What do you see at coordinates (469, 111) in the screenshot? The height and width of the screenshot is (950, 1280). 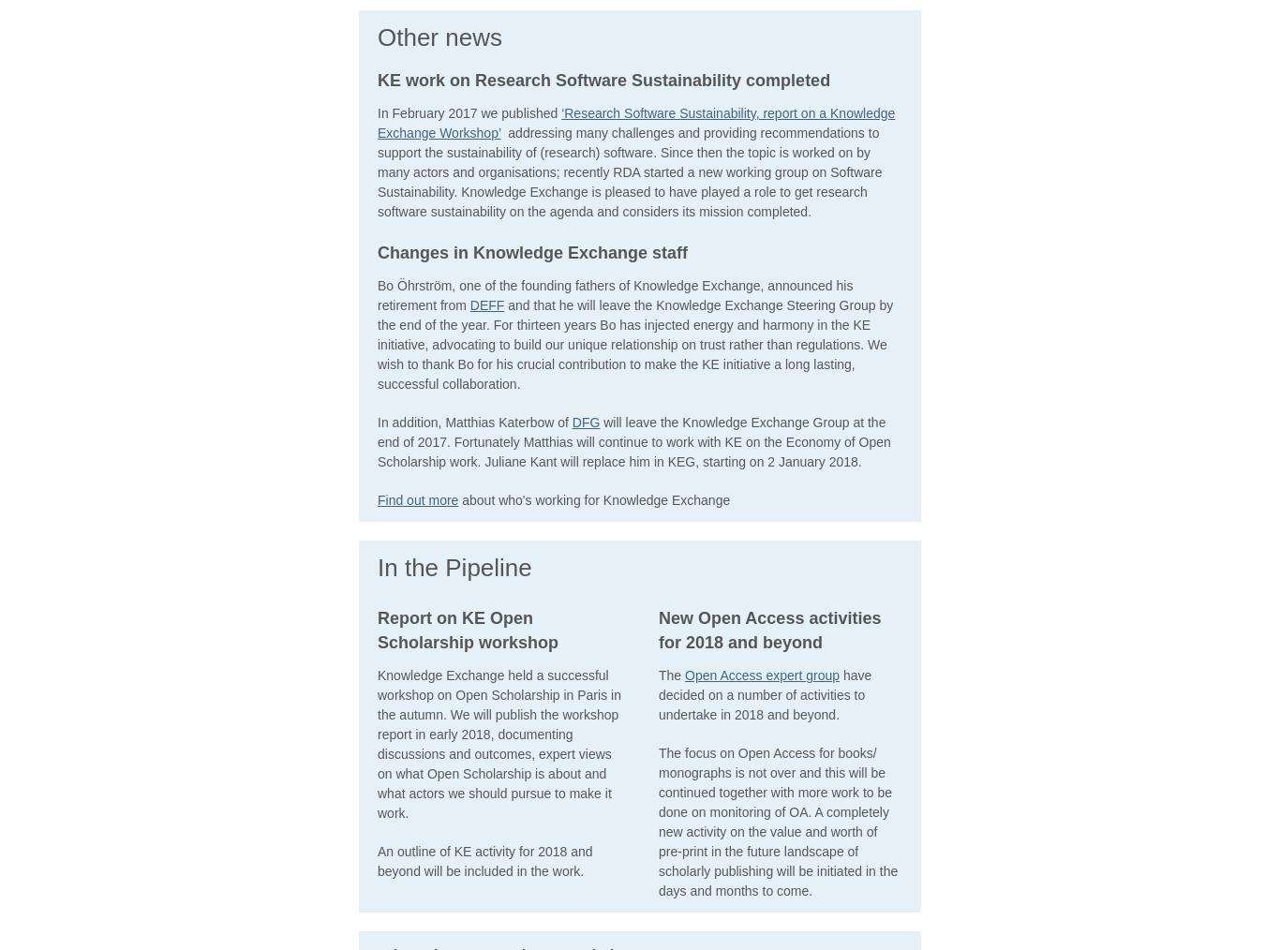 I see `'In February 2017 we published'` at bounding box center [469, 111].